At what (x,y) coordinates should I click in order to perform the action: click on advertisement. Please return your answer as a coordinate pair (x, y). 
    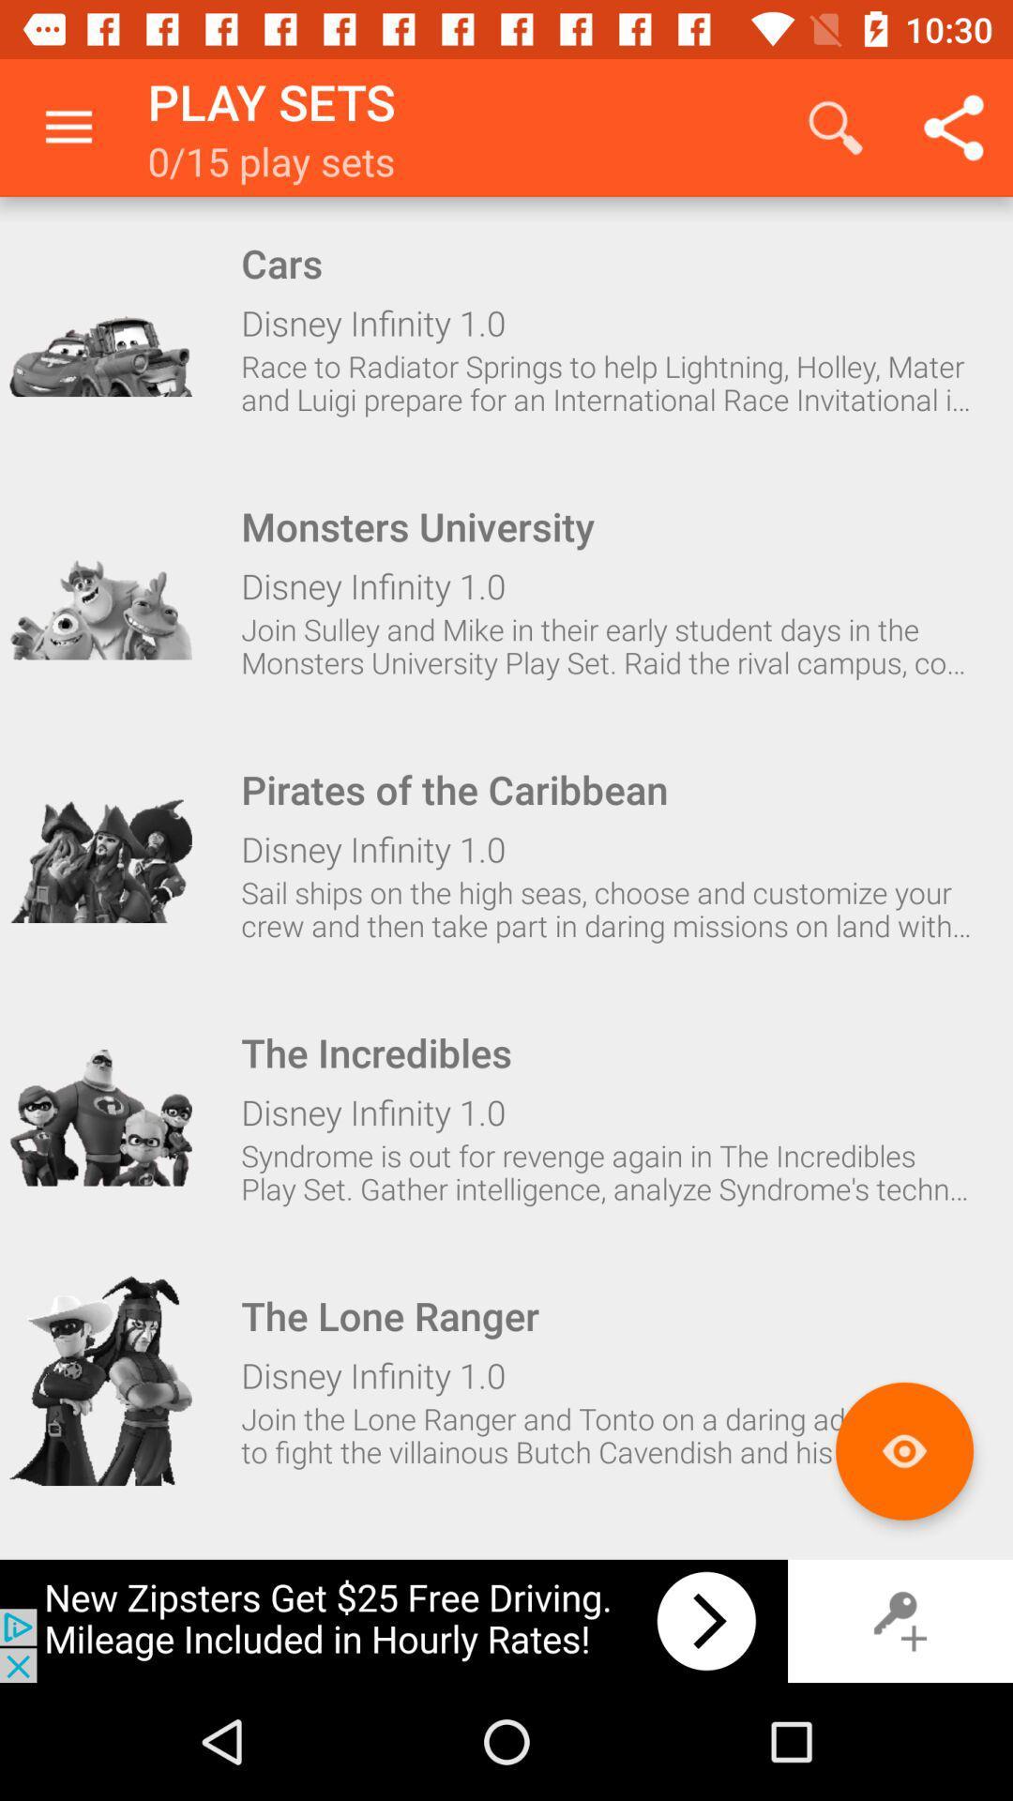
    Looking at the image, I should click on (393, 1620).